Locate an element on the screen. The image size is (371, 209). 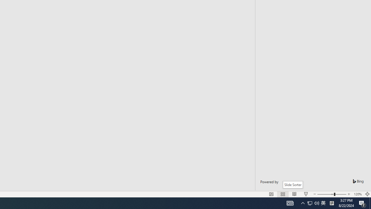
'Reading View' is located at coordinates (294, 194).